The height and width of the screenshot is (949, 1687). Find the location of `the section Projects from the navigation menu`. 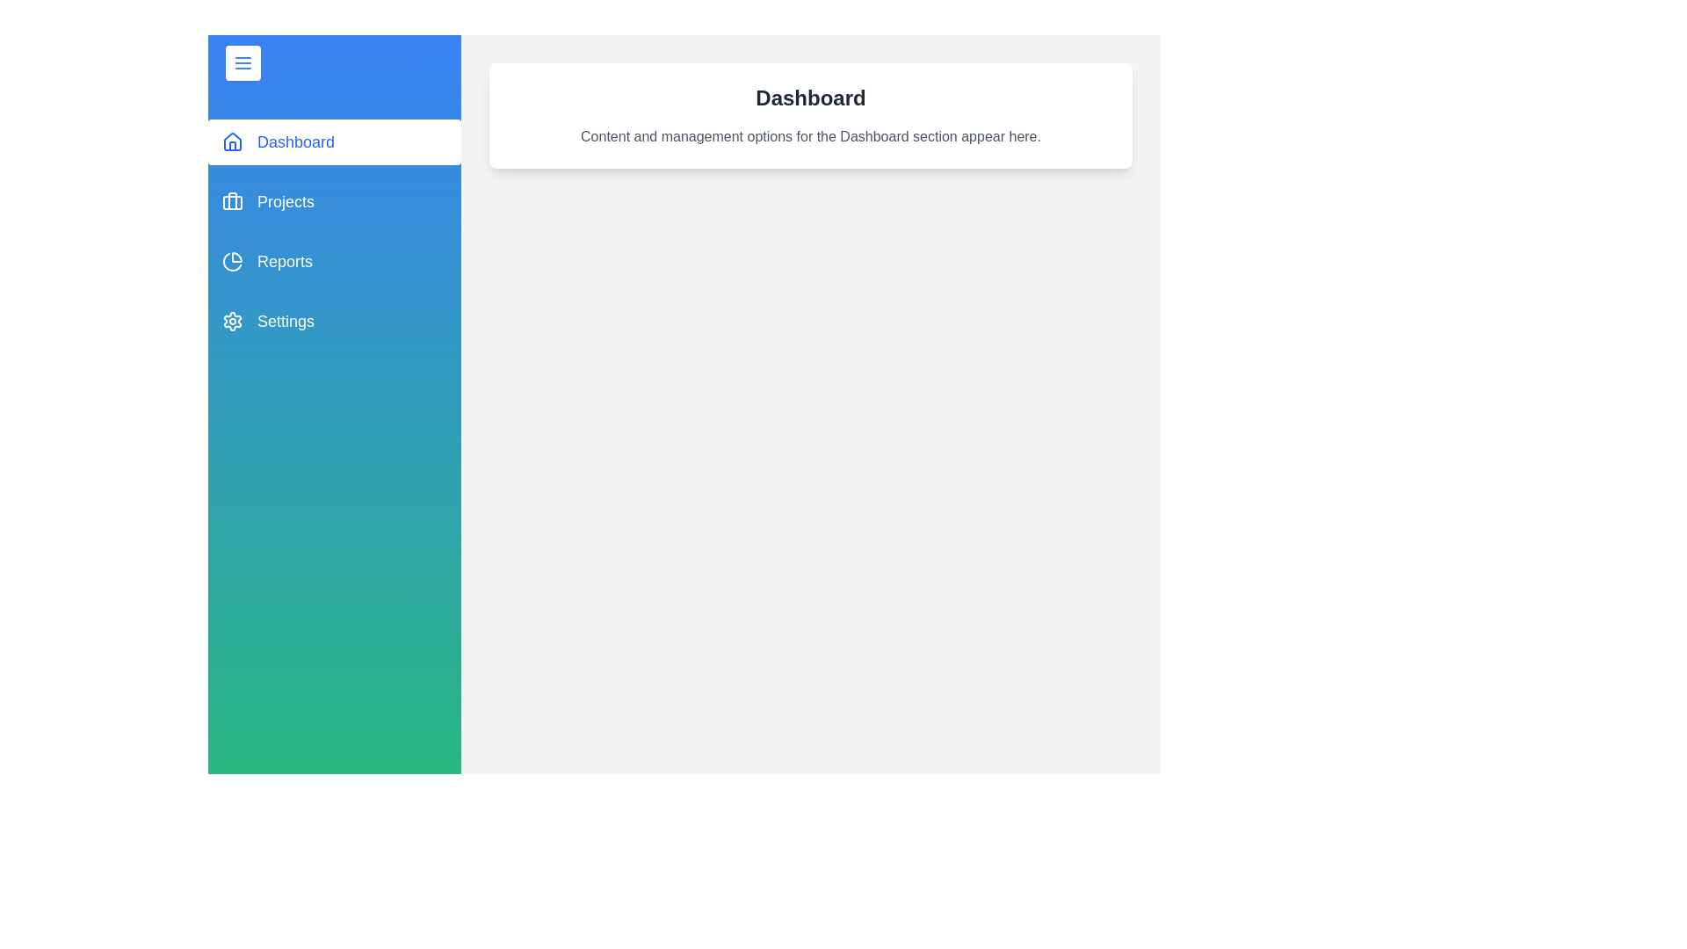

the section Projects from the navigation menu is located at coordinates (334, 201).